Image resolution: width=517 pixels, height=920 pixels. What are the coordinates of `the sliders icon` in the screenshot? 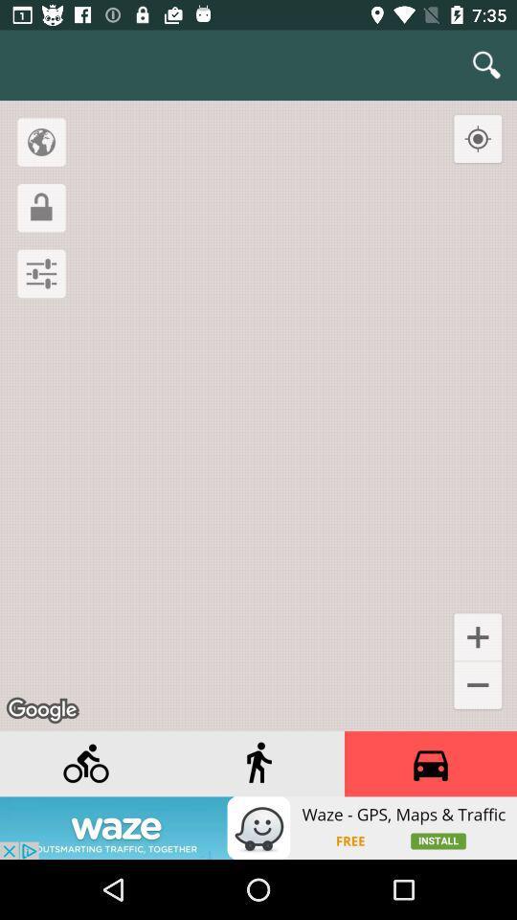 It's located at (41, 272).